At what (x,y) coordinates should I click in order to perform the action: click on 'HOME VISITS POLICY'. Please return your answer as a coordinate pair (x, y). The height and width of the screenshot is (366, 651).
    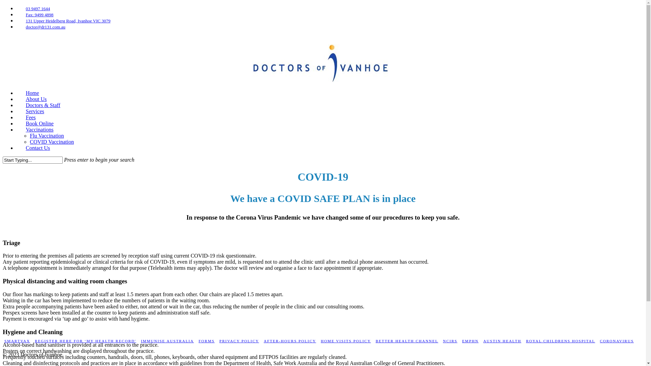
    Looking at the image, I should click on (346, 341).